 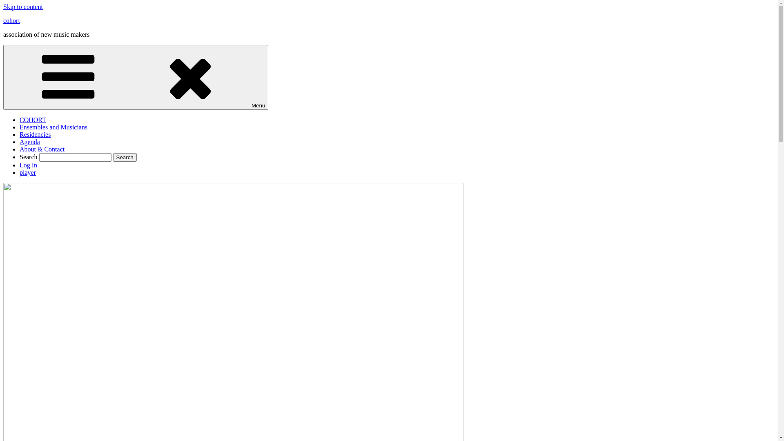 What do you see at coordinates (113, 157) in the screenshot?
I see `'Search'` at bounding box center [113, 157].